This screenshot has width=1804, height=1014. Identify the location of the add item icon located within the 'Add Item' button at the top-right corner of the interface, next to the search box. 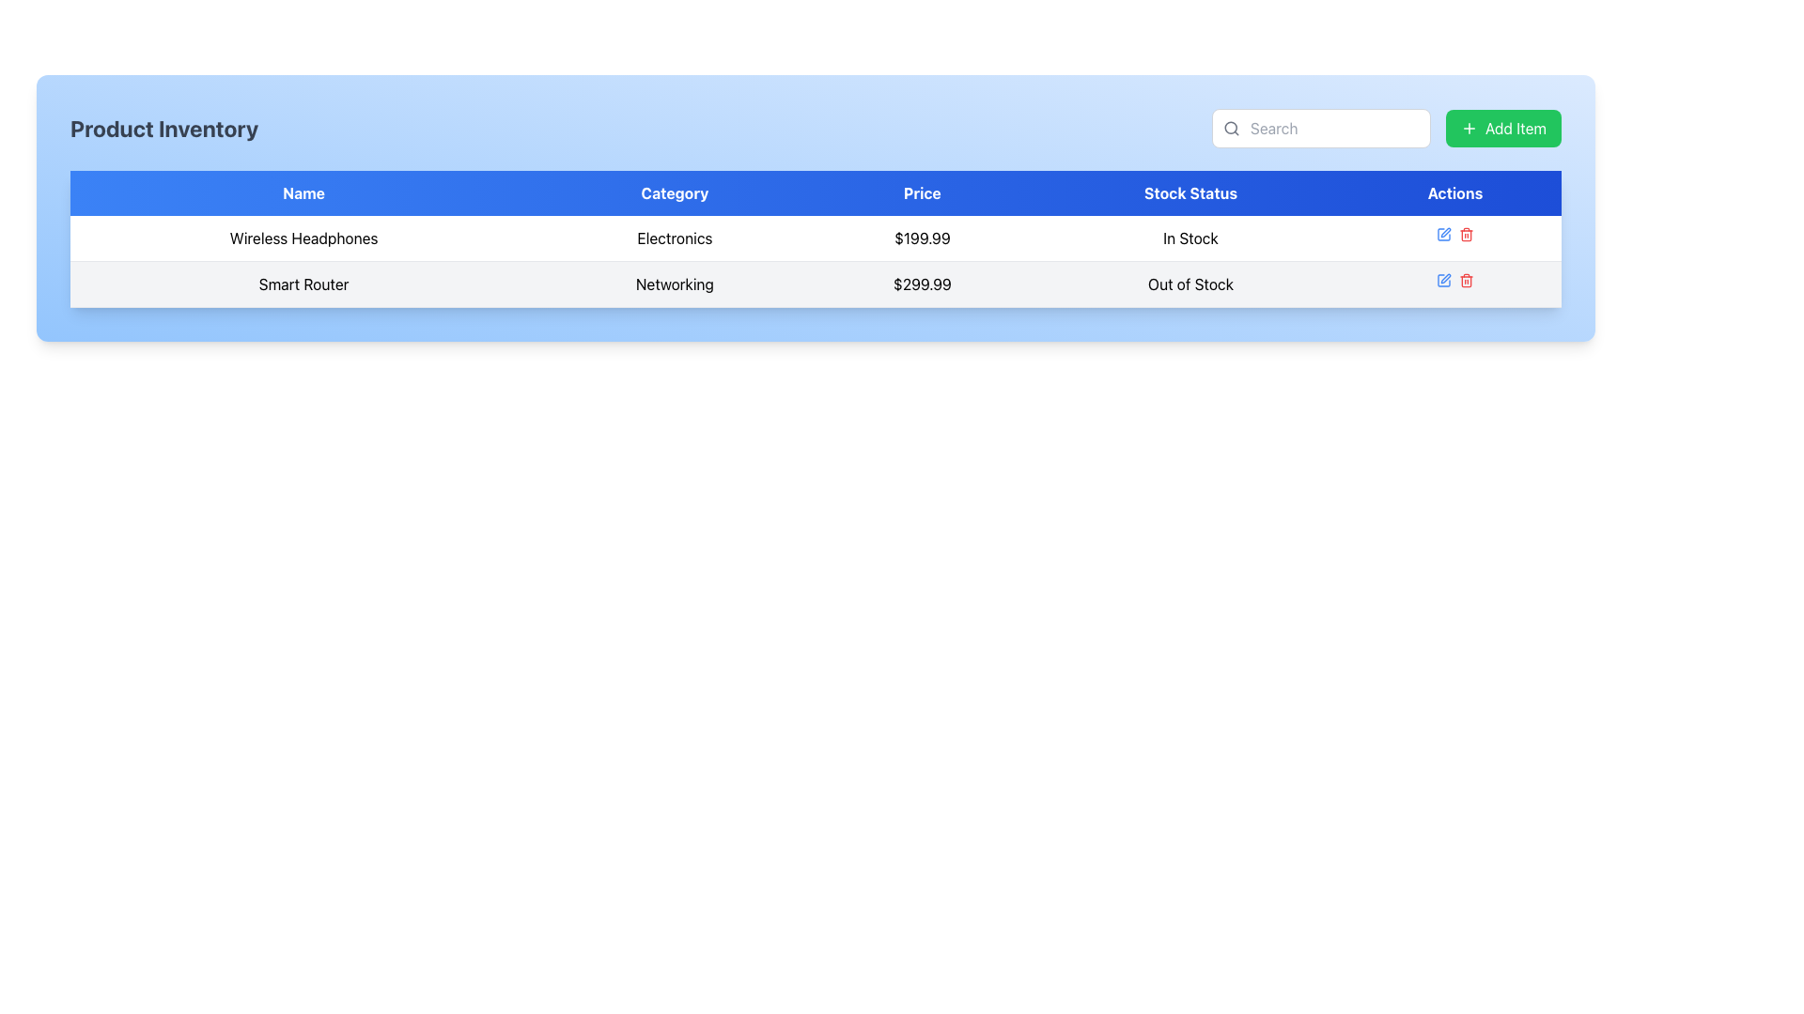
(1469, 128).